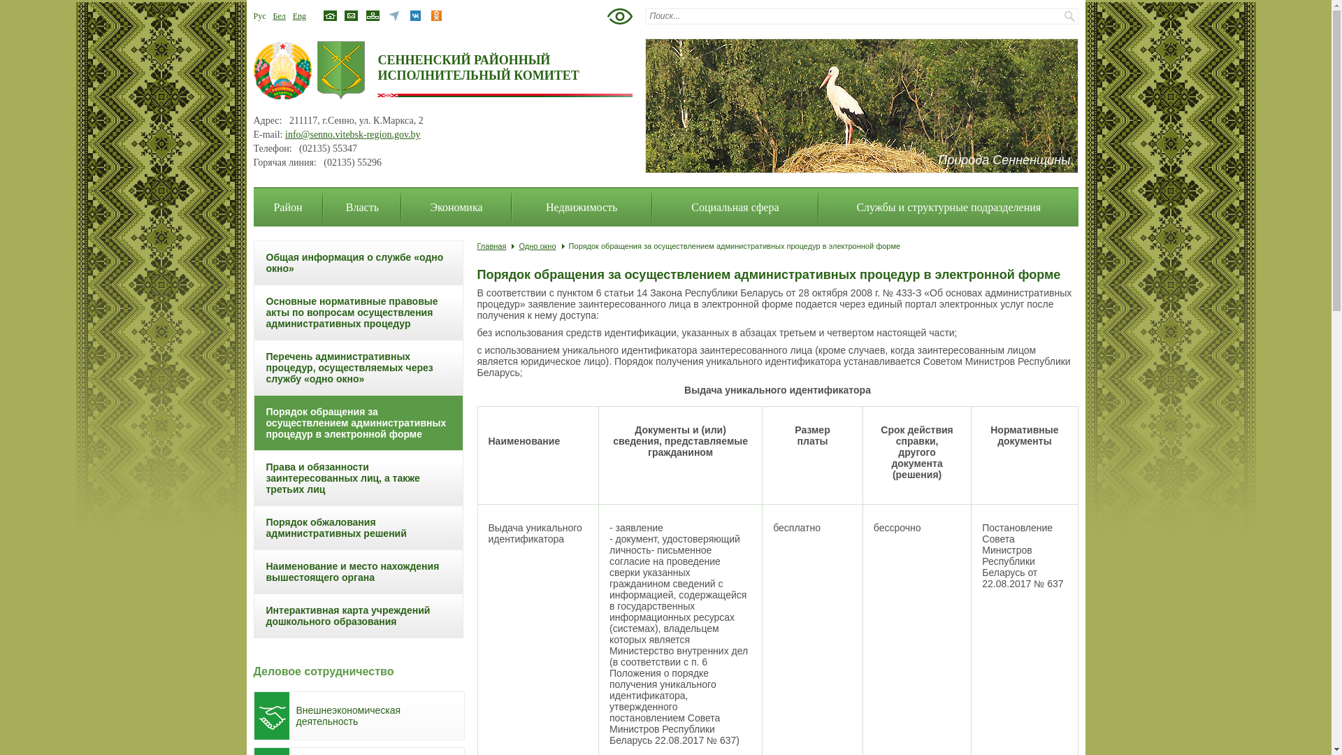  I want to click on 'telegram', so click(393, 19).